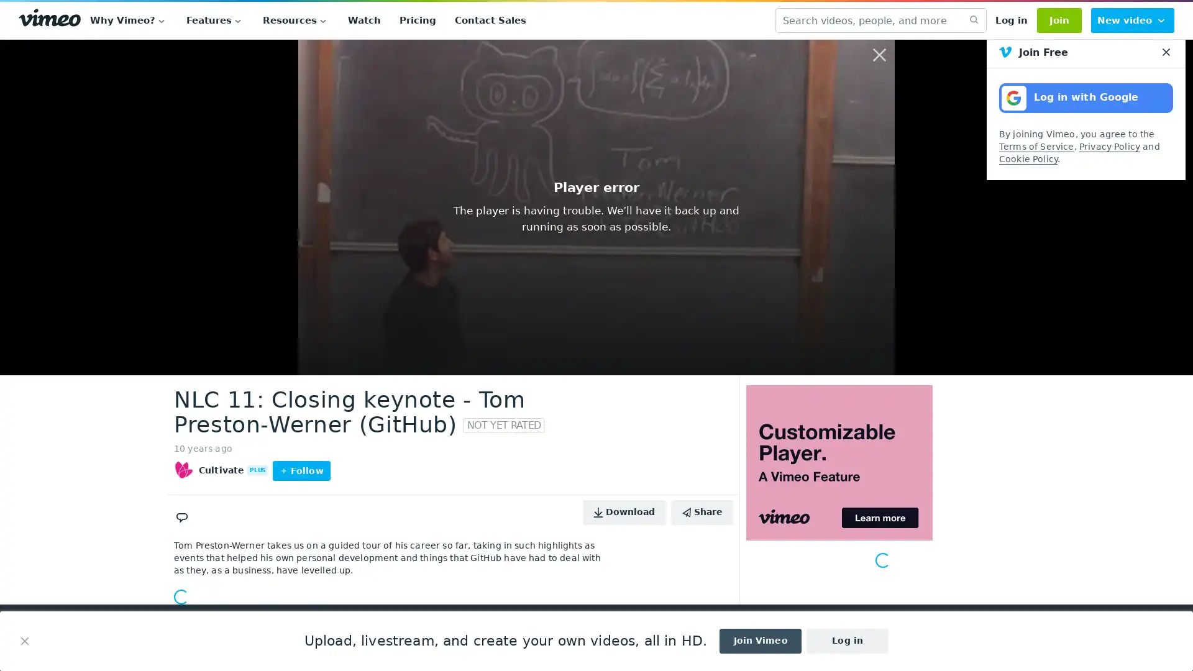  I want to click on Close overlay, so click(879, 55).